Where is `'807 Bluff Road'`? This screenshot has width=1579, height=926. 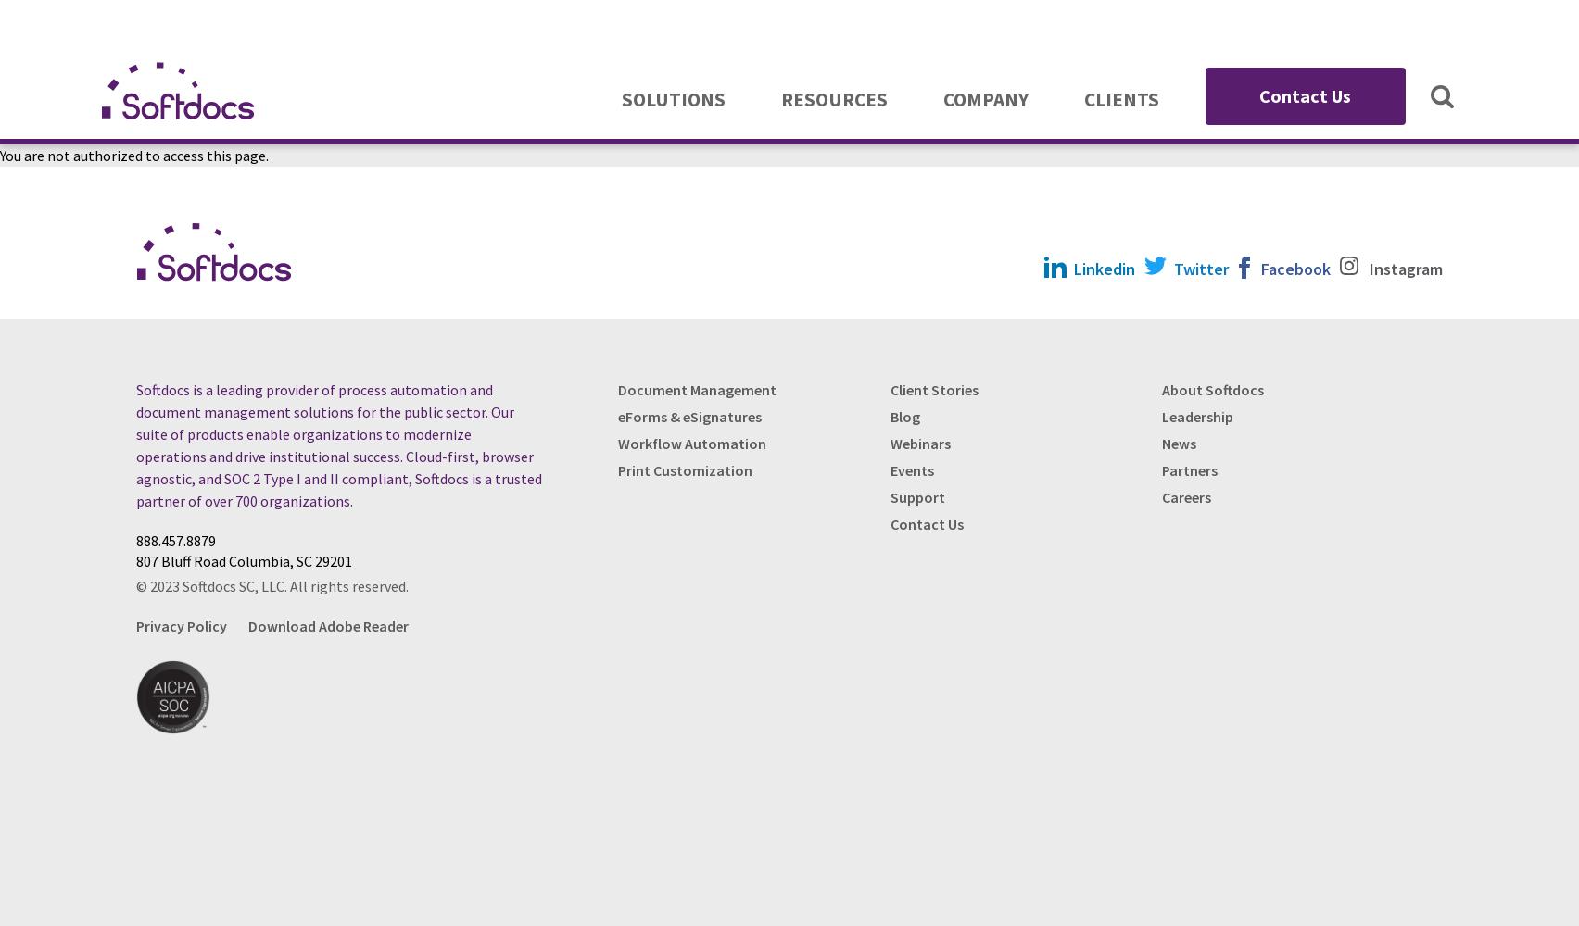 '807 Bluff Road' is located at coordinates (181, 559).